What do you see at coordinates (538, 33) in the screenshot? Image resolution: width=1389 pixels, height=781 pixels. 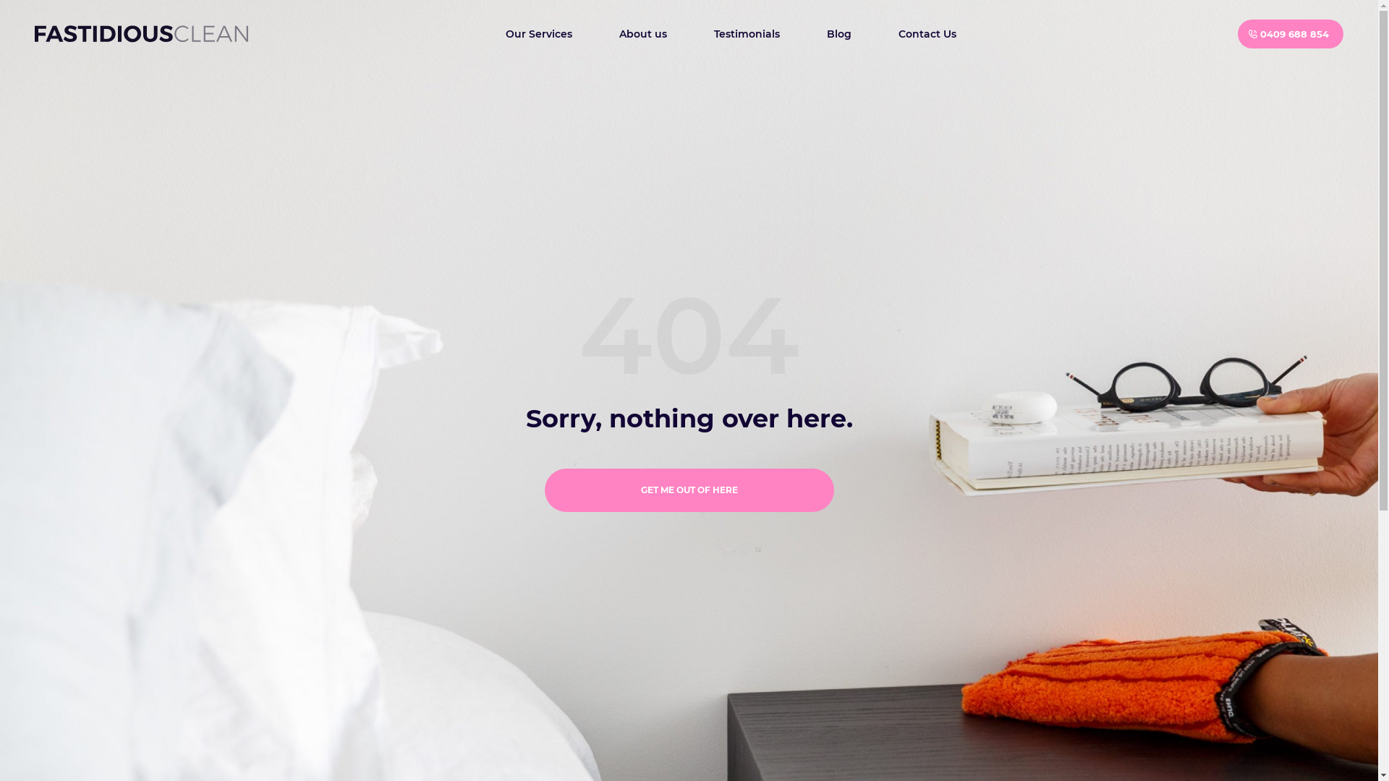 I see `'Our Services'` at bounding box center [538, 33].